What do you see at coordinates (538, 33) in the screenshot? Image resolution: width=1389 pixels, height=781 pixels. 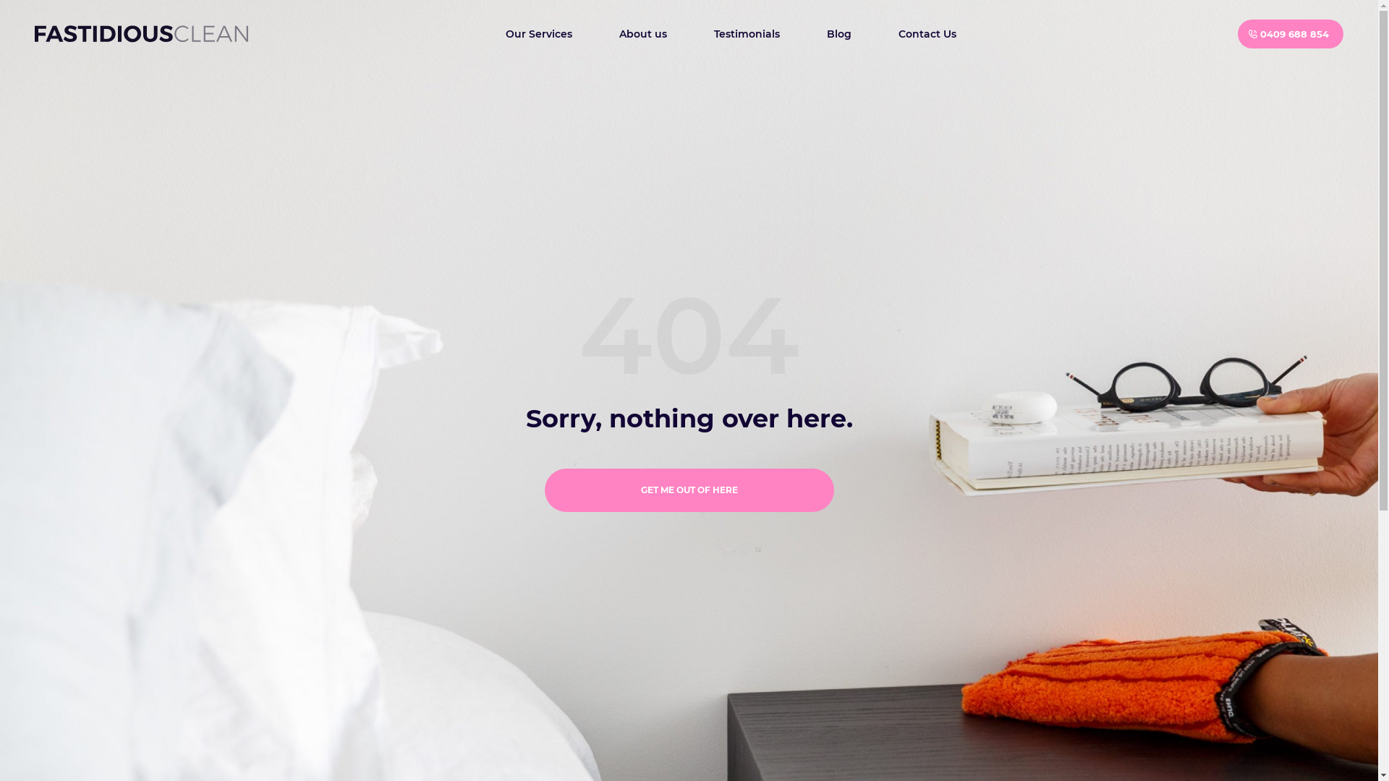 I see `'Our Services'` at bounding box center [538, 33].